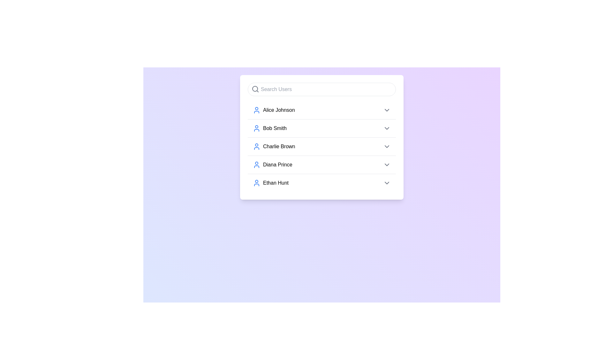 This screenshot has width=613, height=345. What do you see at coordinates (386, 147) in the screenshot?
I see `the Dropdown indicator located at the far right of the 'Charlie Brown' row, which is the third row in a vertical list structure` at bounding box center [386, 147].